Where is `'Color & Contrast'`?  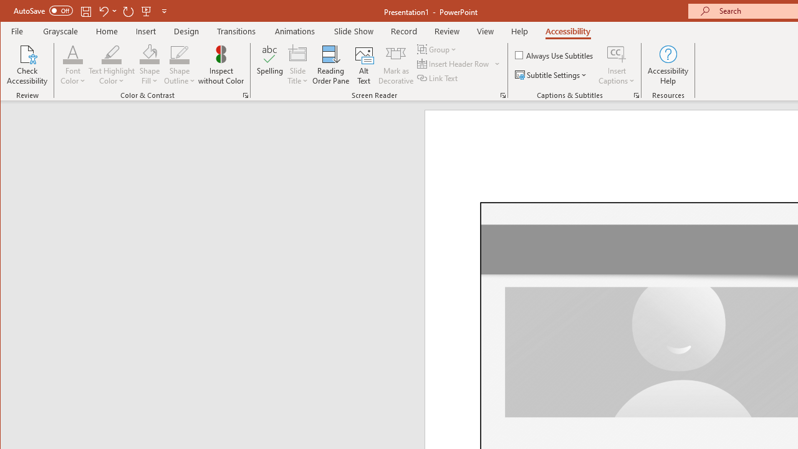
'Color & Contrast' is located at coordinates (246, 95).